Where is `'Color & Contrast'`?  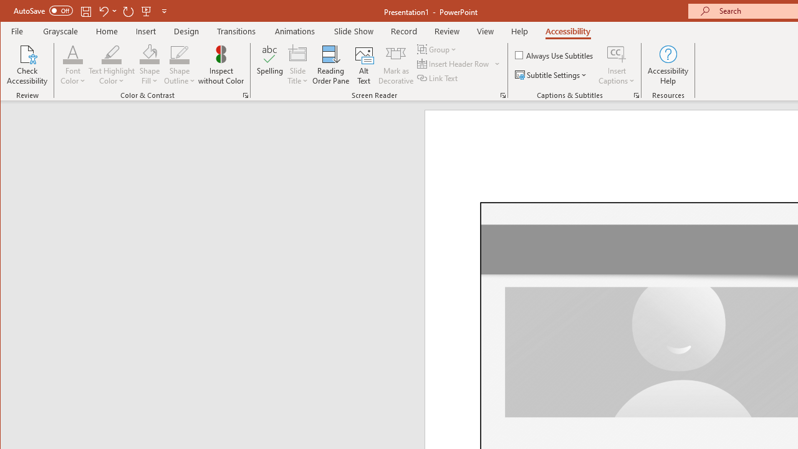
'Color & Contrast' is located at coordinates (246, 95).